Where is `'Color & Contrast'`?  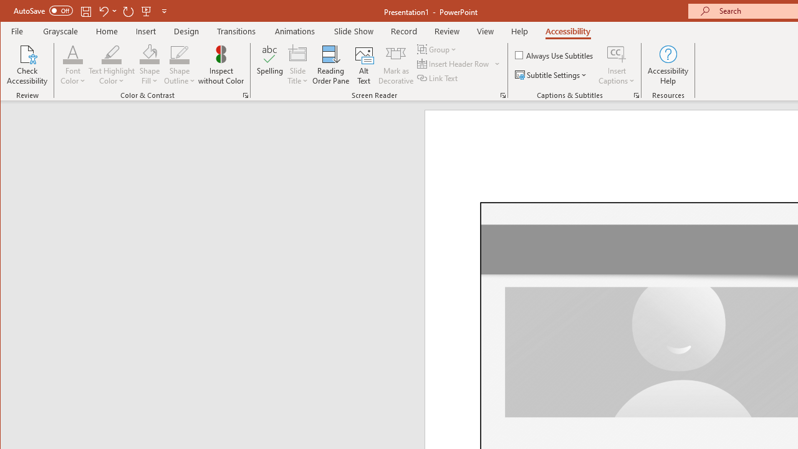
'Color & Contrast' is located at coordinates (246, 95).